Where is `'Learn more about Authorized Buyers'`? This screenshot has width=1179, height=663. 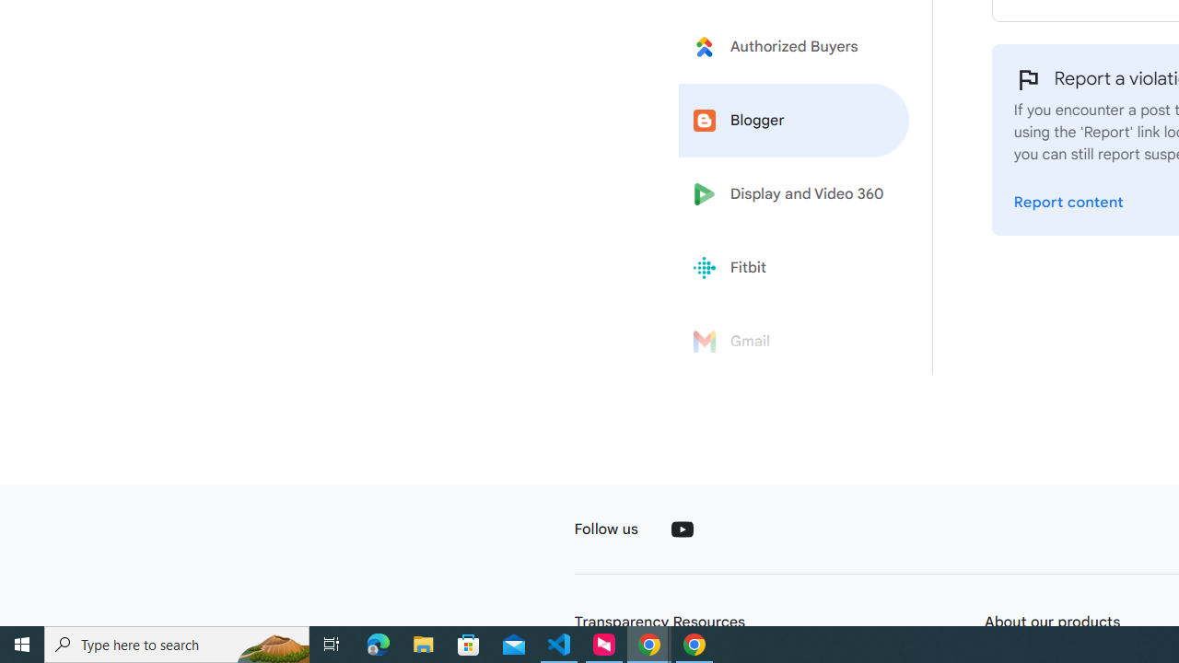
'Learn more about Authorized Buyers' is located at coordinates (794, 45).